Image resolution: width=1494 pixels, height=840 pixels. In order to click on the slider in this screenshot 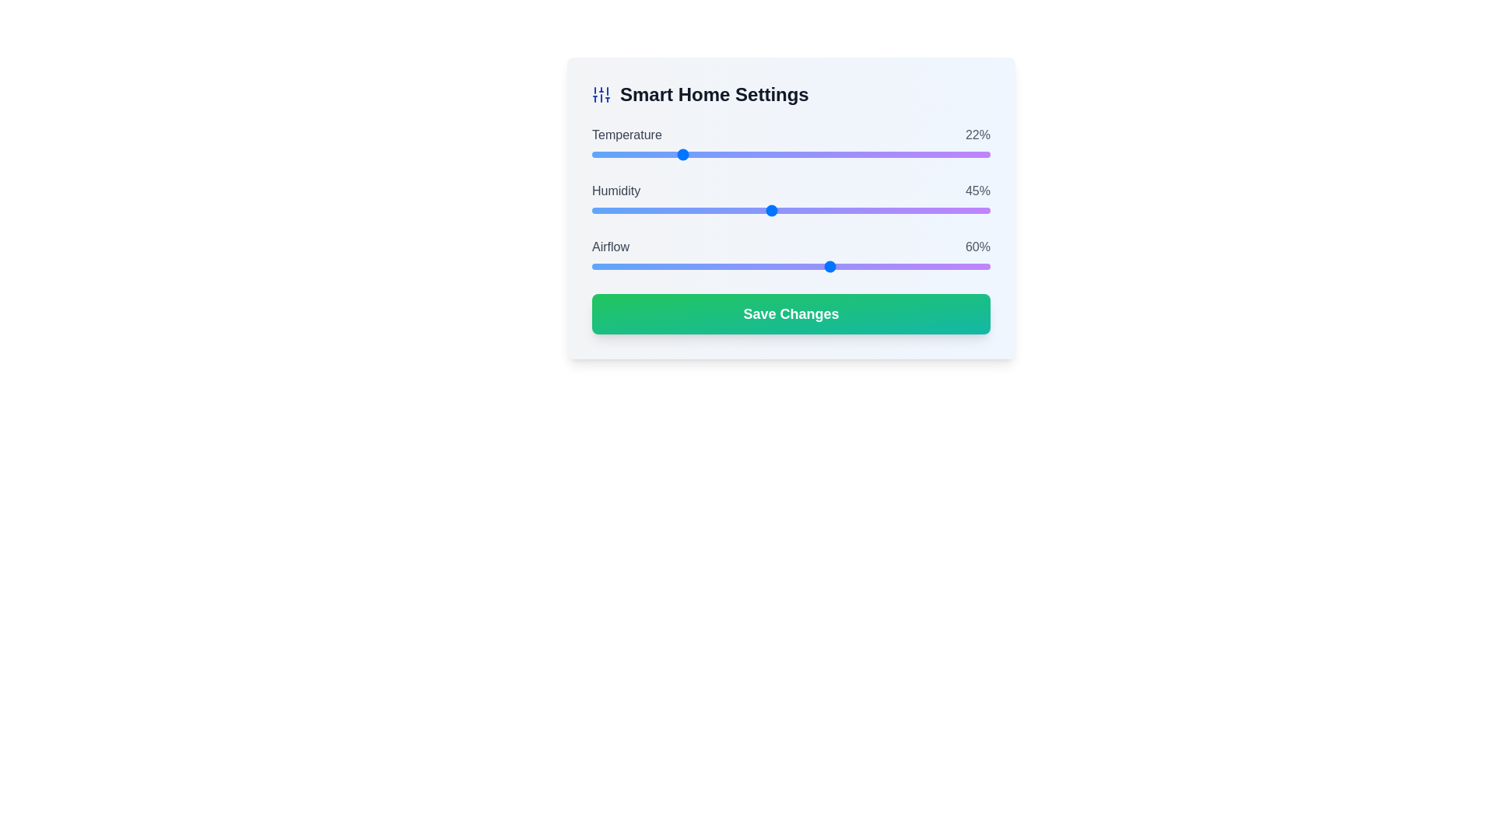, I will do `click(679, 155)`.